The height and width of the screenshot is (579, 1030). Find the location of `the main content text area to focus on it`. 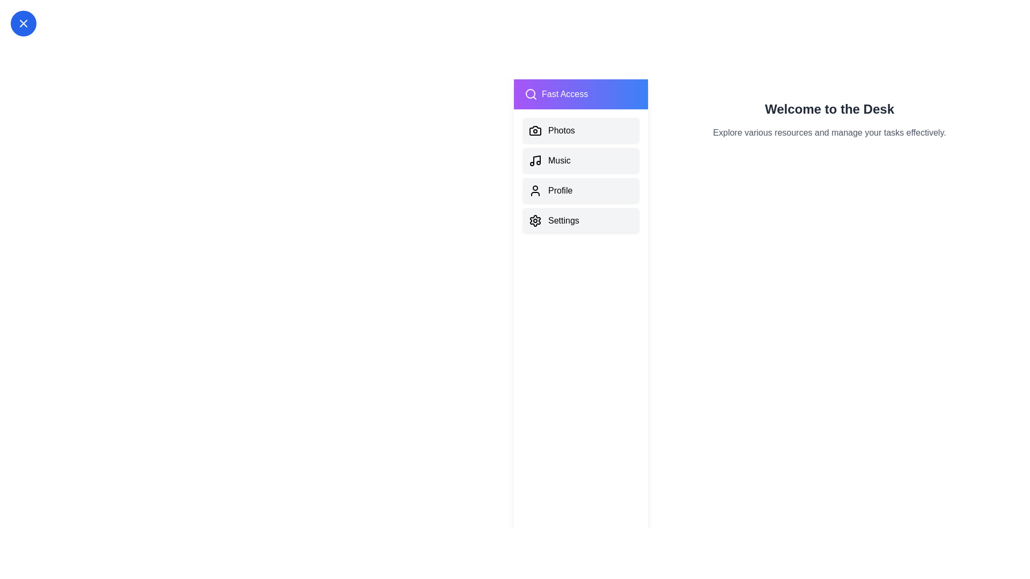

the main content text area to focus on it is located at coordinates (829, 132).